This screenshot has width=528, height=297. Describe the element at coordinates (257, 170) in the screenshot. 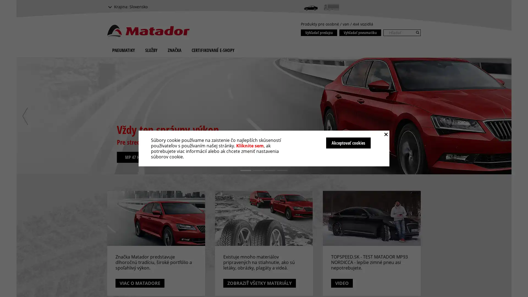

I see `2` at that location.